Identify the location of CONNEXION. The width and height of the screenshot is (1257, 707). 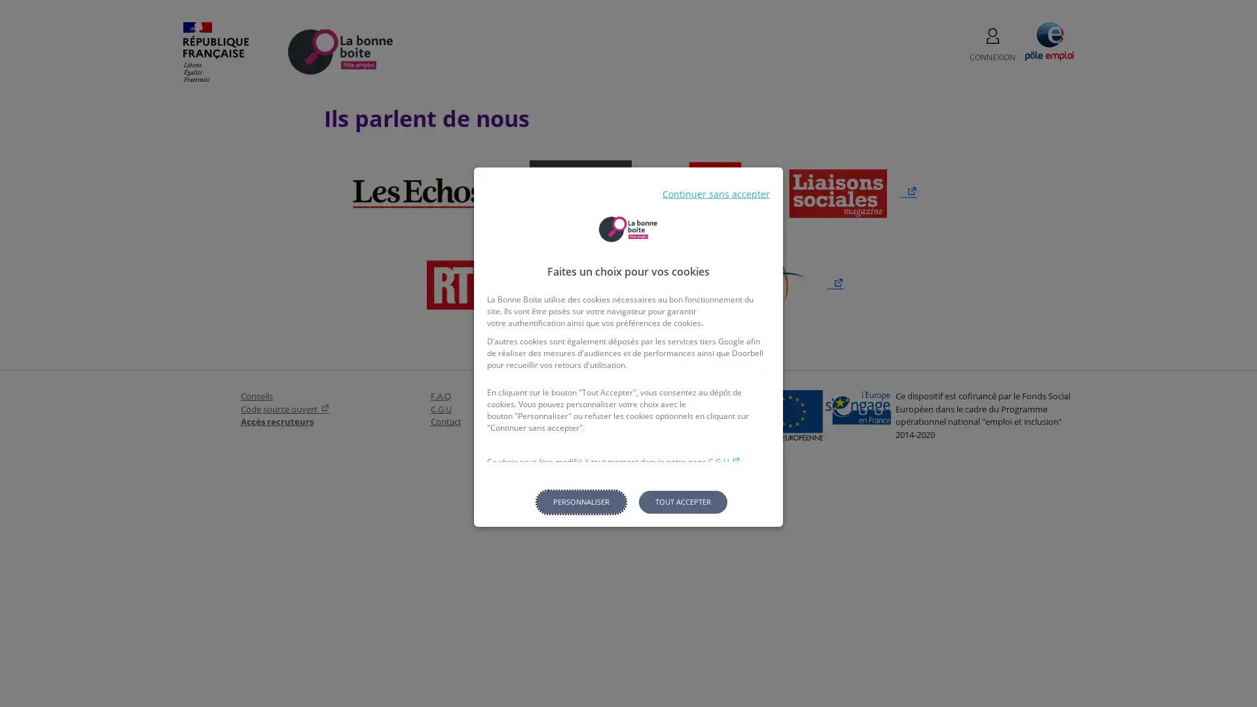
(993, 44).